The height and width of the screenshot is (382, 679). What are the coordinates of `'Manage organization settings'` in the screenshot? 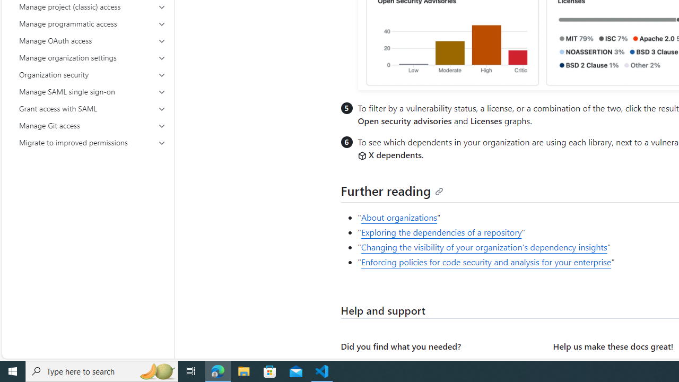 It's located at (92, 58).